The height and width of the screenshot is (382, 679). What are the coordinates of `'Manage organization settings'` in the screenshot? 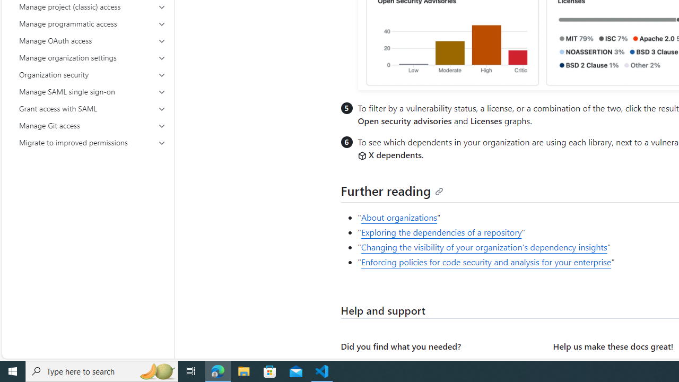 It's located at (92, 58).